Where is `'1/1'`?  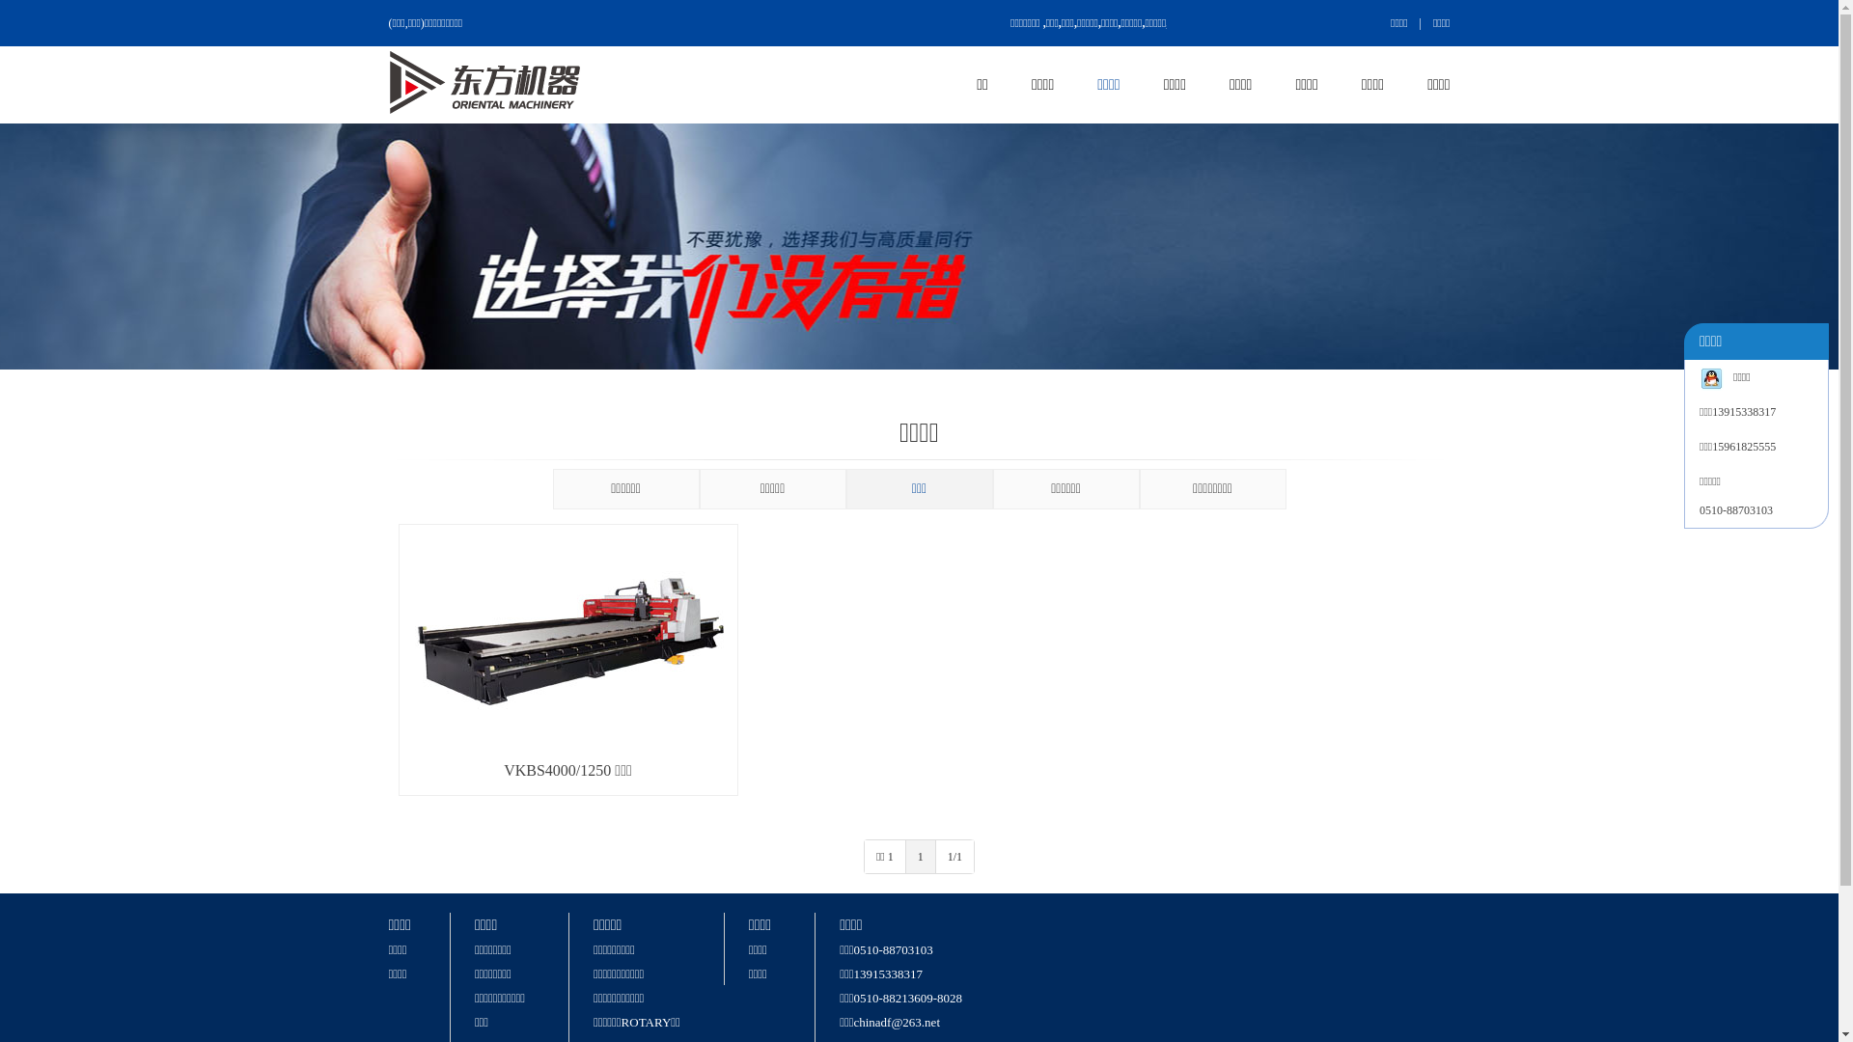
'1/1' is located at coordinates (954, 855).